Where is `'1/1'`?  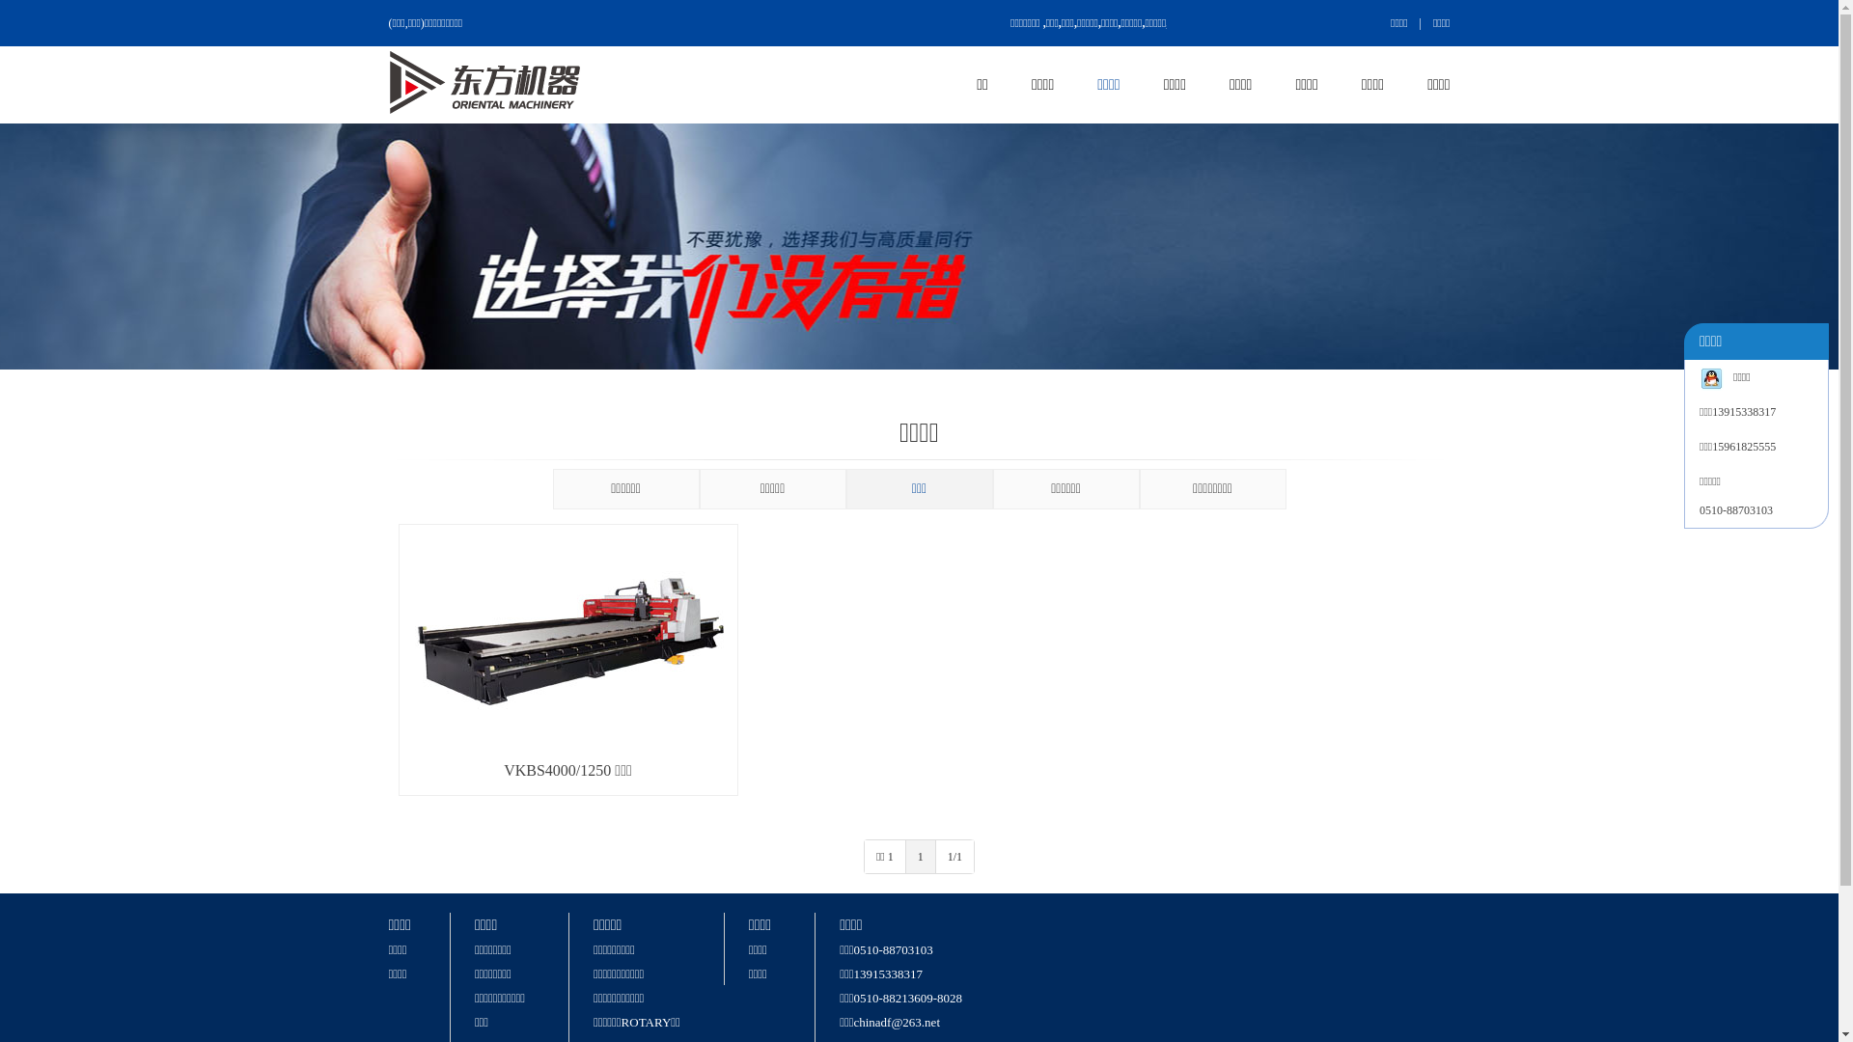
'1/1' is located at coordinates (954, 855).